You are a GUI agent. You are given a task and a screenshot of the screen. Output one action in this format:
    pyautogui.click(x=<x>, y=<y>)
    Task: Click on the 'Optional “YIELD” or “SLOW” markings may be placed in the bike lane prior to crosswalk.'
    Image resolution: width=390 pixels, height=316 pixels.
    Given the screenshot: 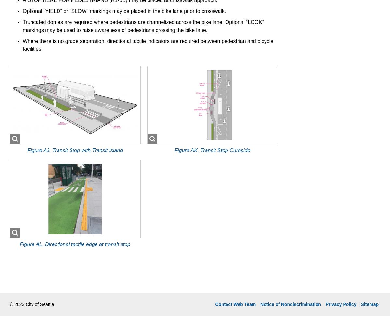 What is the action you would take?
    pyautogui.click(x=124, y=11)
    